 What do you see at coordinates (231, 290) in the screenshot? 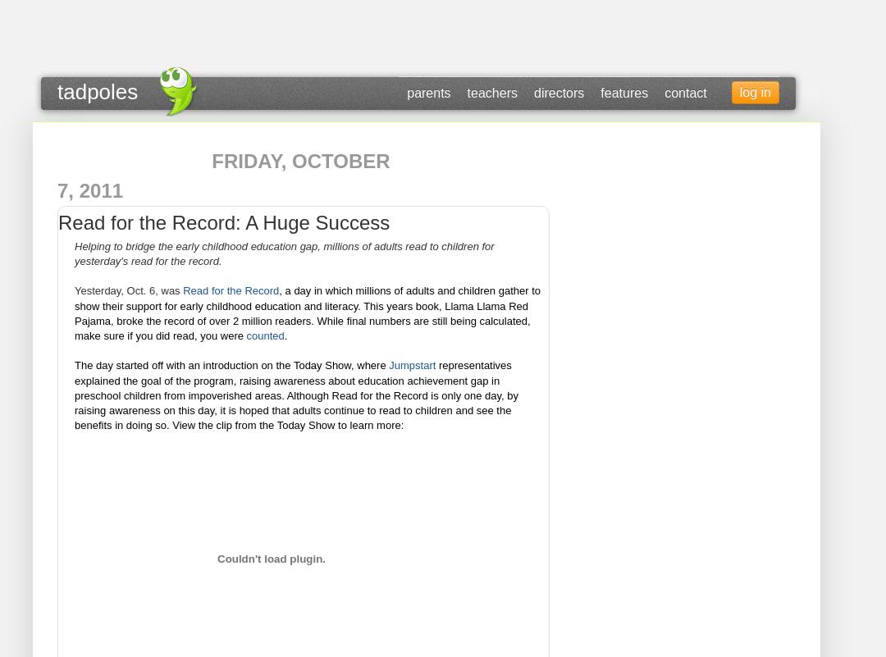
I see `'Read for the Record'` at bounding box center [231, 290].